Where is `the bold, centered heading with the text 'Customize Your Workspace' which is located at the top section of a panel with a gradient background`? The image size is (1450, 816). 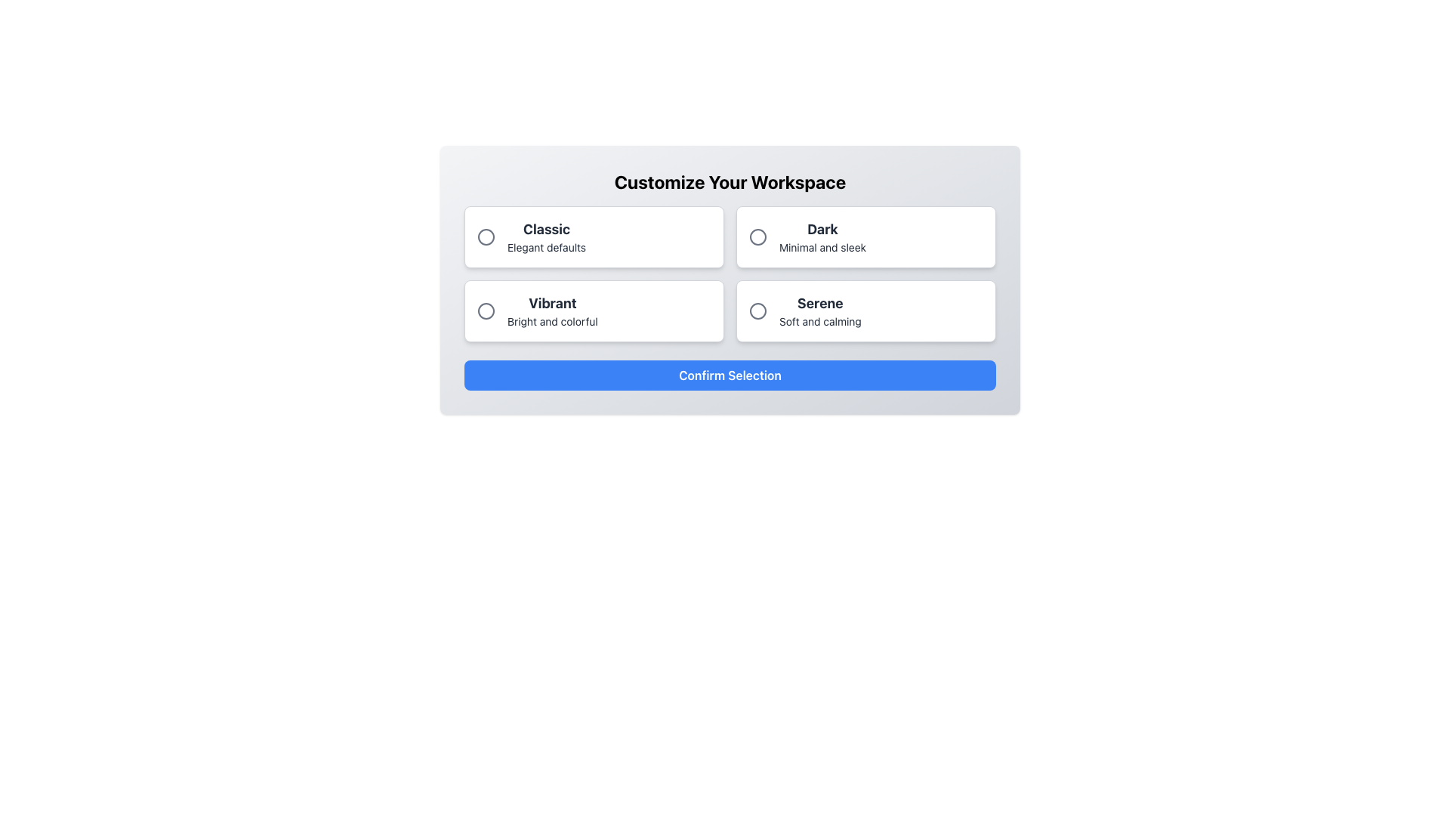
the bold, centered heading with the text 'Customize Your Workspace' which is located at the top section of a panel with a gradient background is located at coordinates (730, 181).